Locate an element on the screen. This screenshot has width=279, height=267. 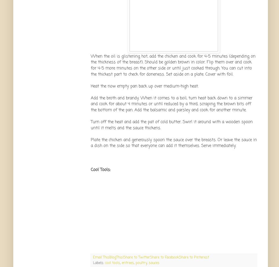
'Turn off the heat and add the pat of cold butter. Swirl it around with a wooden spoon until it melts and the sauce thickens.' is located at coordinates (172, 125).